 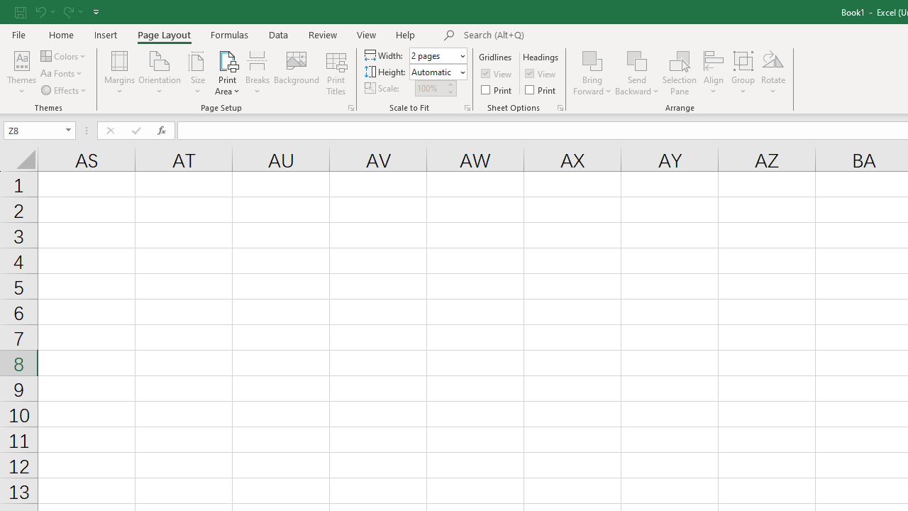 What do you see at coordinates (62, 73) in the screenshot?
I see `'Fonts'` at bounding box center [62, 73].